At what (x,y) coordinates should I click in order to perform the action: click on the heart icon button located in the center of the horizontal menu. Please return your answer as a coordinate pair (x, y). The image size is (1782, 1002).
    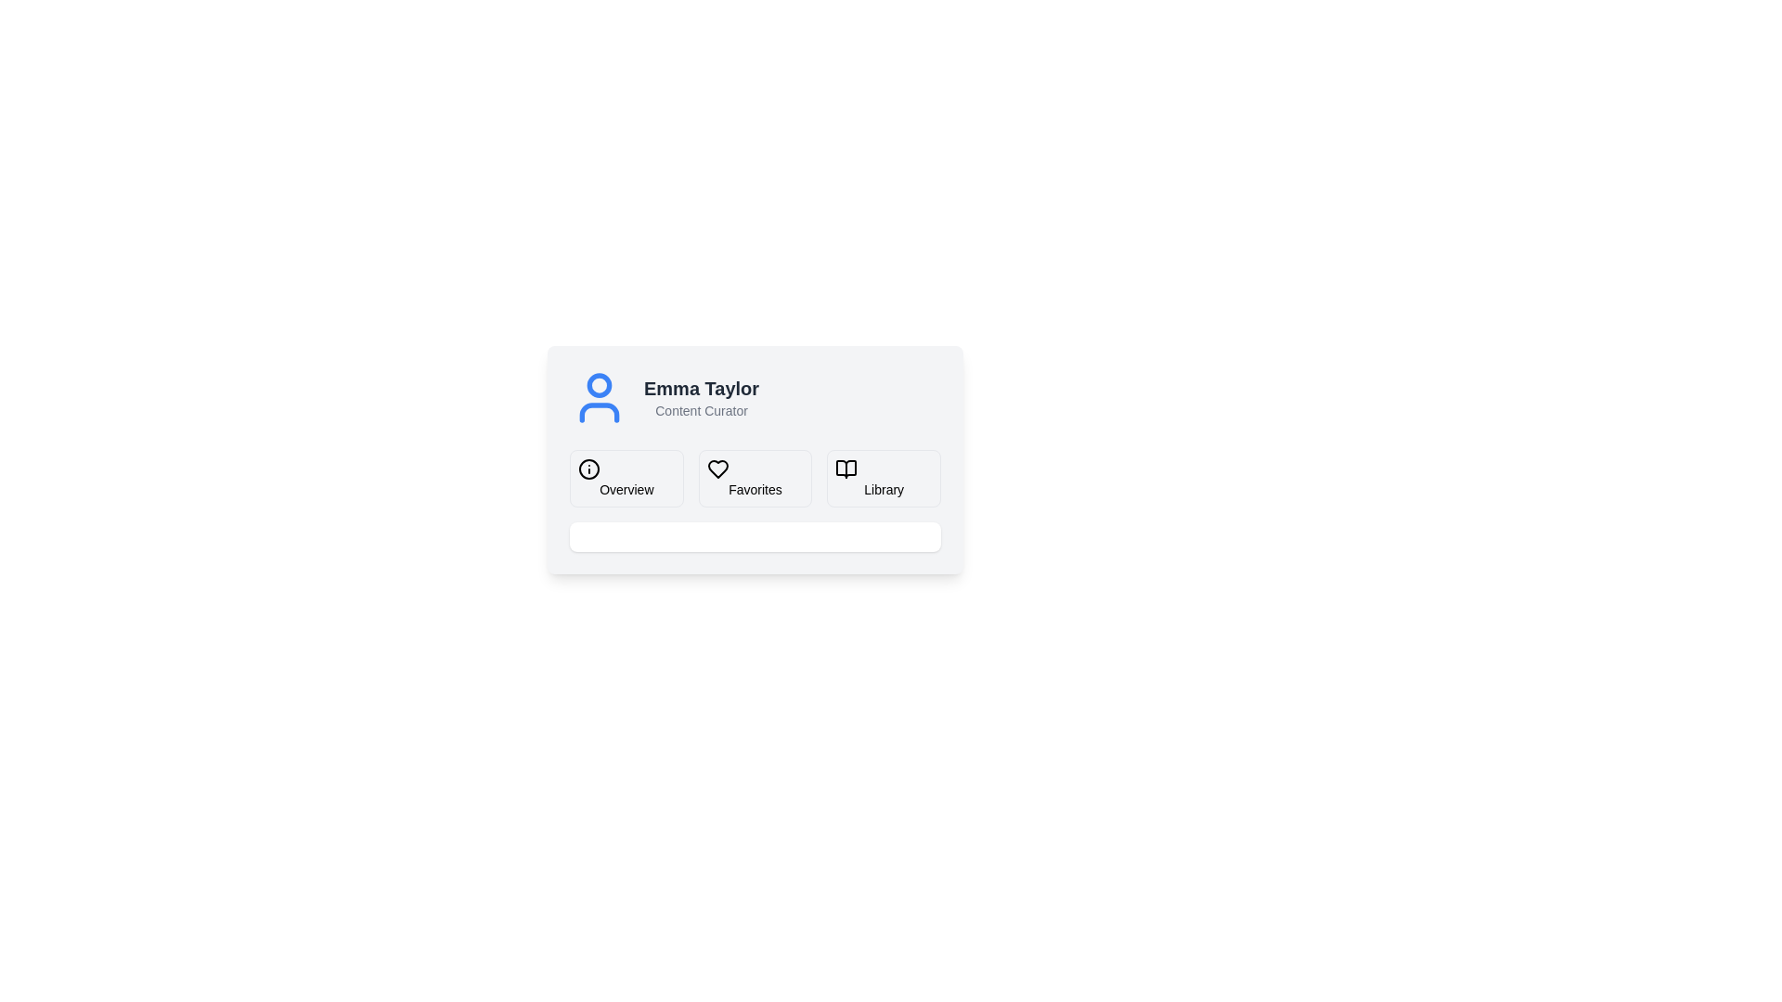
    Looking at the image, I should click on (717, 468).